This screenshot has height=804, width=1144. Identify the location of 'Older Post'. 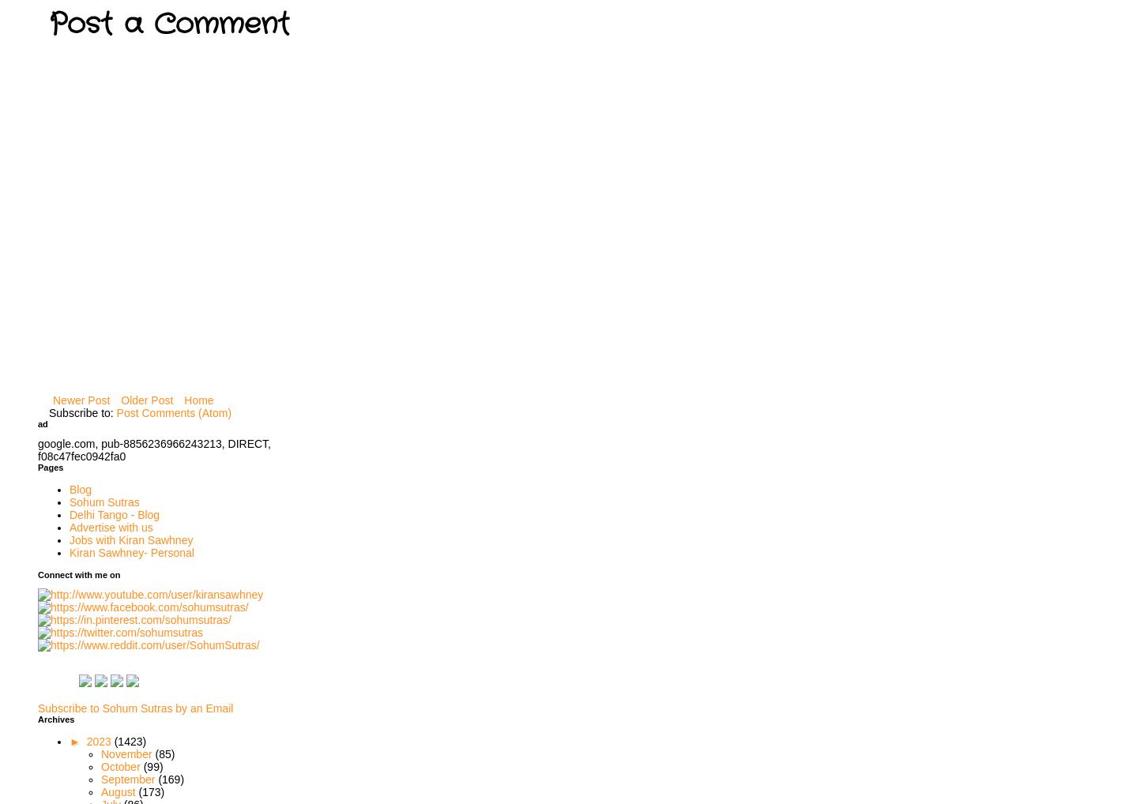
(147, 400).